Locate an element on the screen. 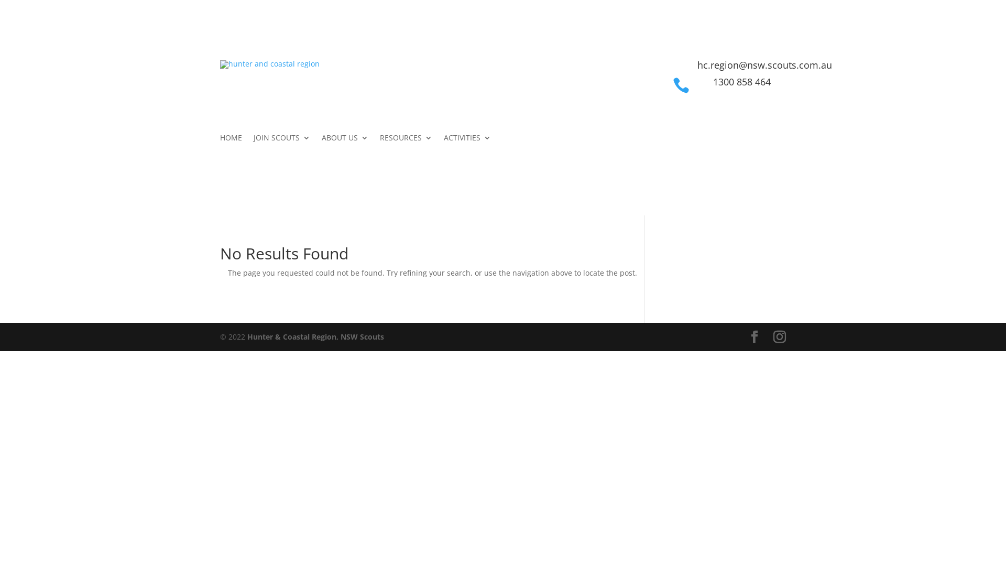 Image resolution: width=1006 pixels, height=566 pixels. 'Hunter & Coastal Region, NSW Scouts' is located at coordinates (246, 336).